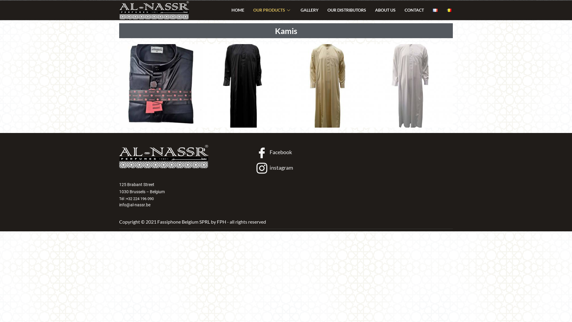 This screenshot has height=322, width=572. What do you see at coordinates (385, 10) in the screenshot?
I see `'ABOUT US'` at bounding box center [385, 10].